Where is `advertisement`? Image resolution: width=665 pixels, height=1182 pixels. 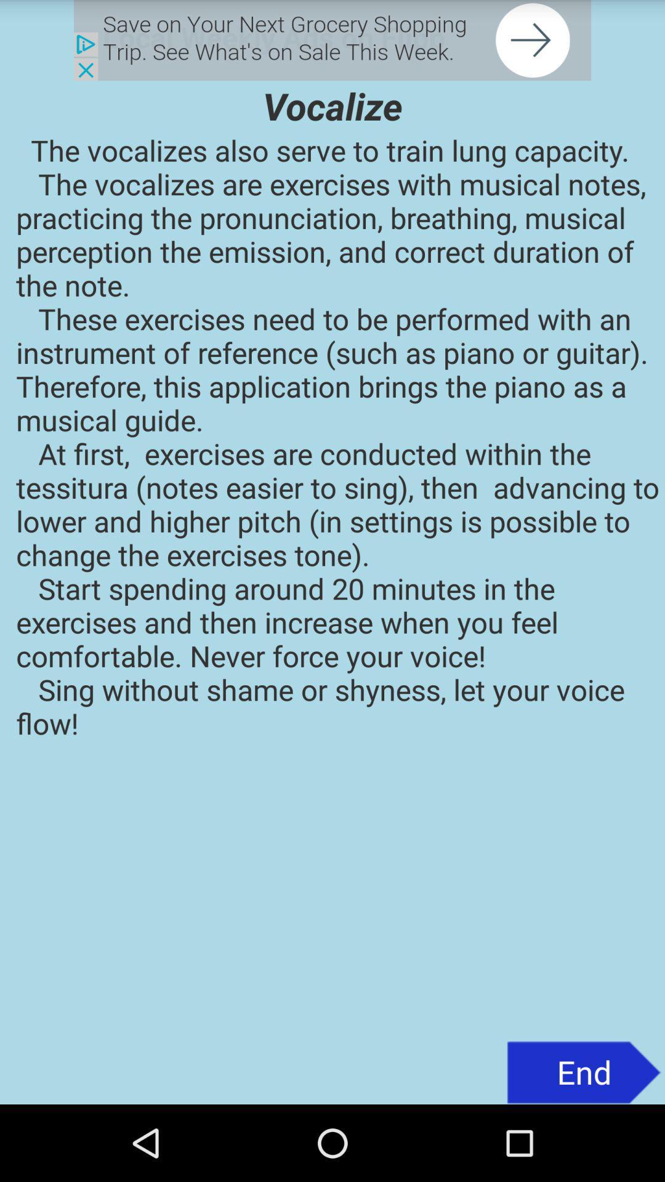 advertisement is located at coordinates (332, 40).